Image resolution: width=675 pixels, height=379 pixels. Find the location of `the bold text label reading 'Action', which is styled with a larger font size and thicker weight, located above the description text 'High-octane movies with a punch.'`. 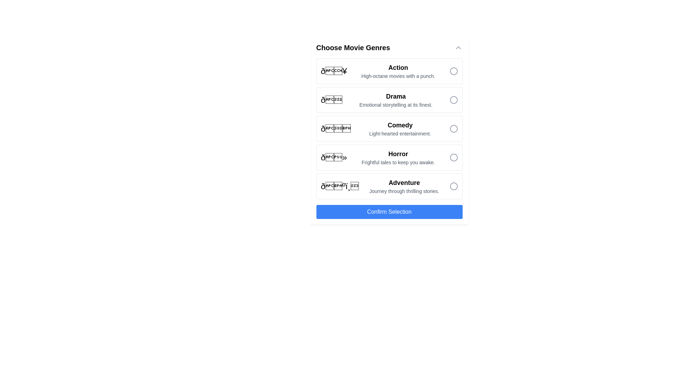

the bold text label reading 'Action', which is styled with a larger font size and thicker weight, located above the description text 'High-octane movies with a punch.' is located at coordinates (398, 67).